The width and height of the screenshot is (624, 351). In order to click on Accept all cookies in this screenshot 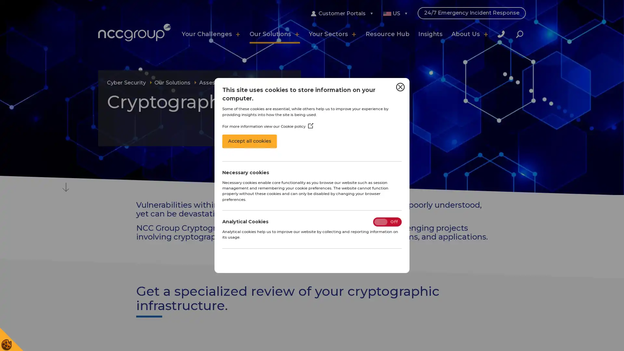, I will do `click(249, 141)`.